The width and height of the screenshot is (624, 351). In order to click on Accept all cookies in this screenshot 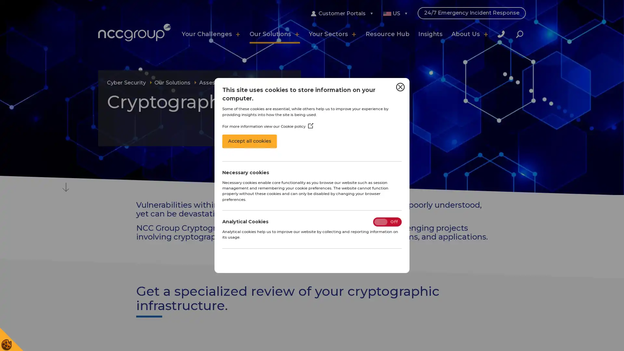, I will do `click(249, 141)`.